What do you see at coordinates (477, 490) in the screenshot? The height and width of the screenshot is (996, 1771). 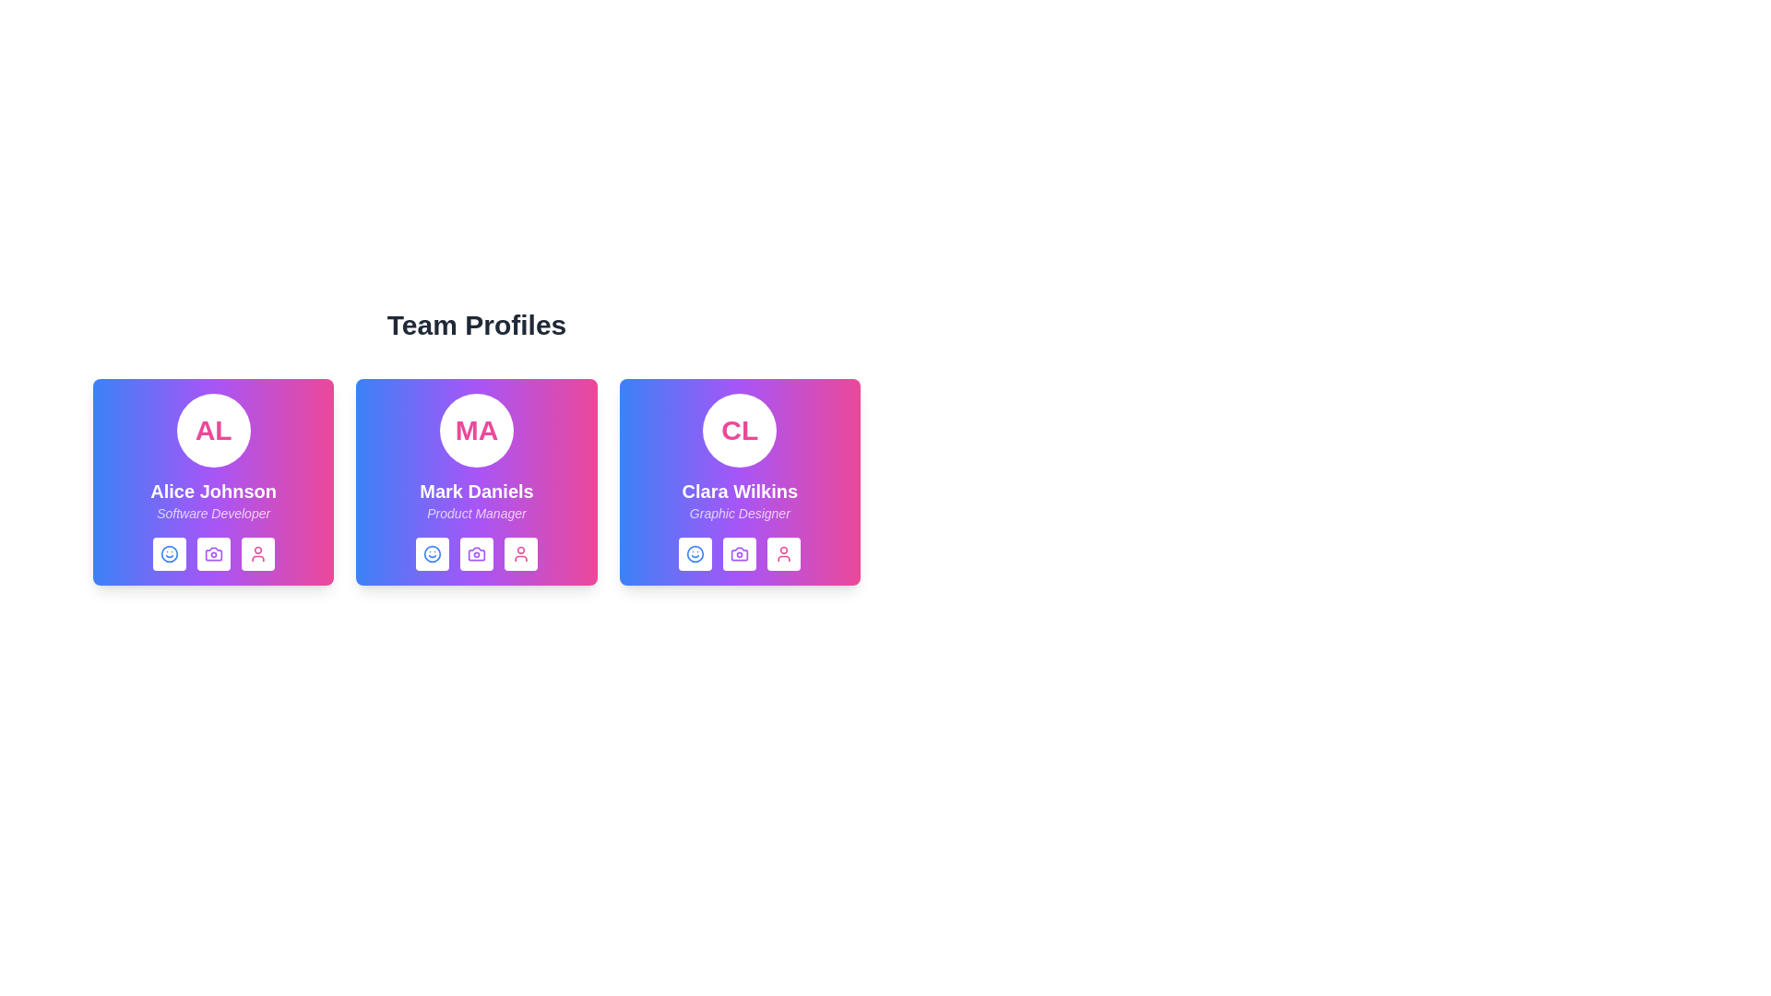 I see `the text label displaying 'Mark Daniels', which is located in the middle card of the team profiles, centered beneath the avatar 'MA' and above the subtitle 'Product Manager'` at bounding box center [477, 490].